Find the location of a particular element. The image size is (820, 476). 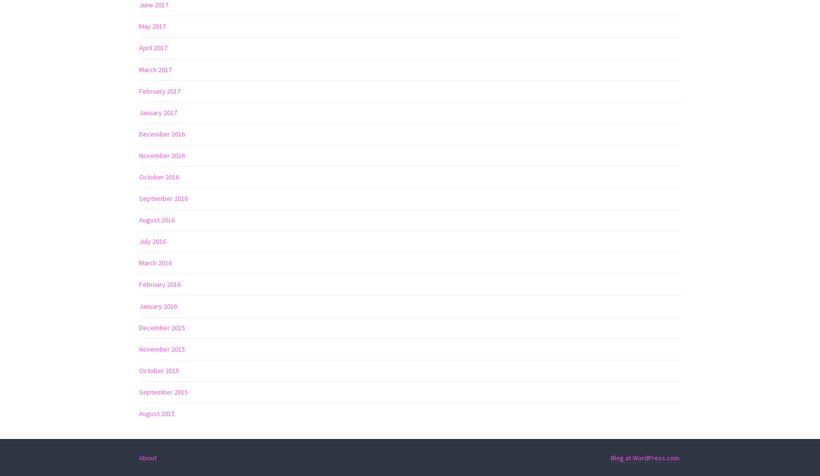

'August 2016' is located at coordinates (157, 219).